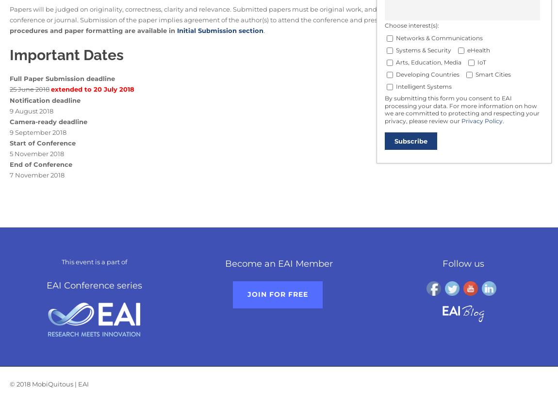  What do you see at coordinates (9, 110) in the screenshot?
I see `'9 August 2018'` at bounding box center [9, 110].